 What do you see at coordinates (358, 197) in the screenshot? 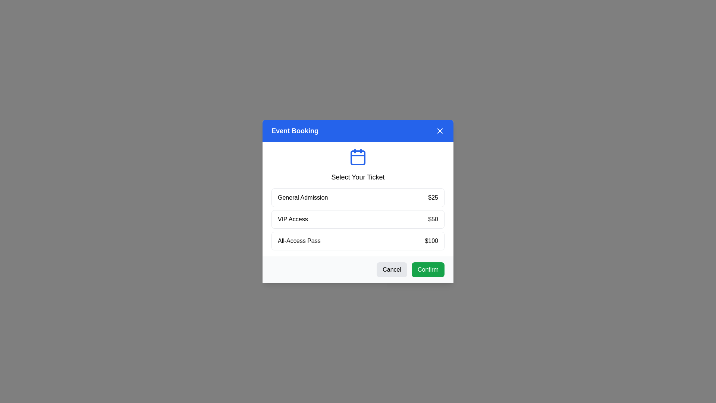
I see `the first selectable option labeled 'General Admission'` at bounding box center [358, 197].